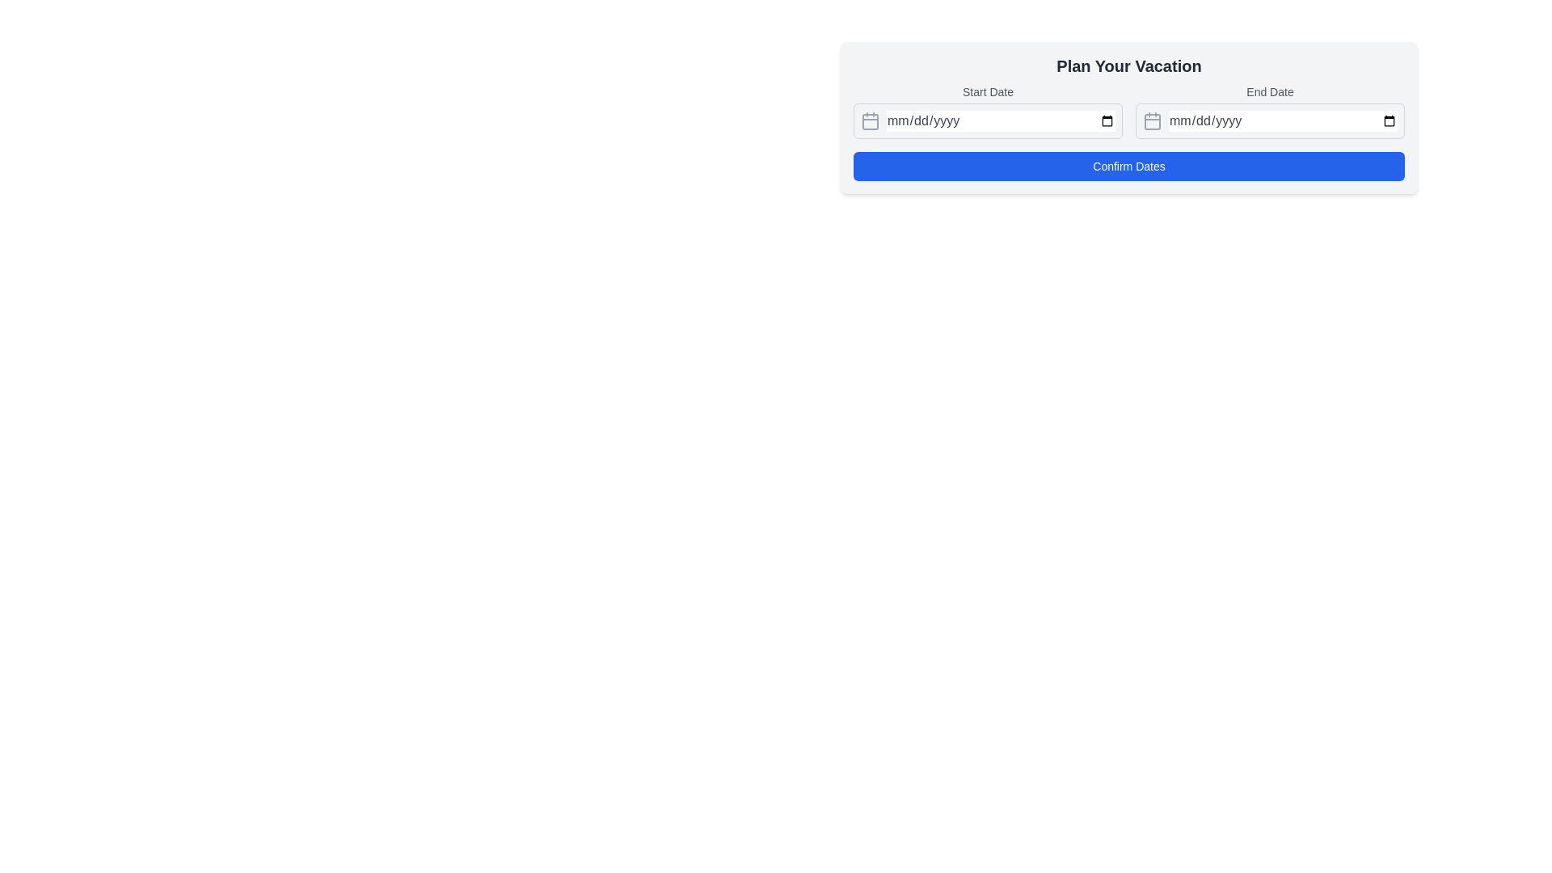 The image size is (1552, 873). I want to click on 'Start Date' label text, which is a small, medium-bold gray font positioned above the date input field, so click(987, 92).